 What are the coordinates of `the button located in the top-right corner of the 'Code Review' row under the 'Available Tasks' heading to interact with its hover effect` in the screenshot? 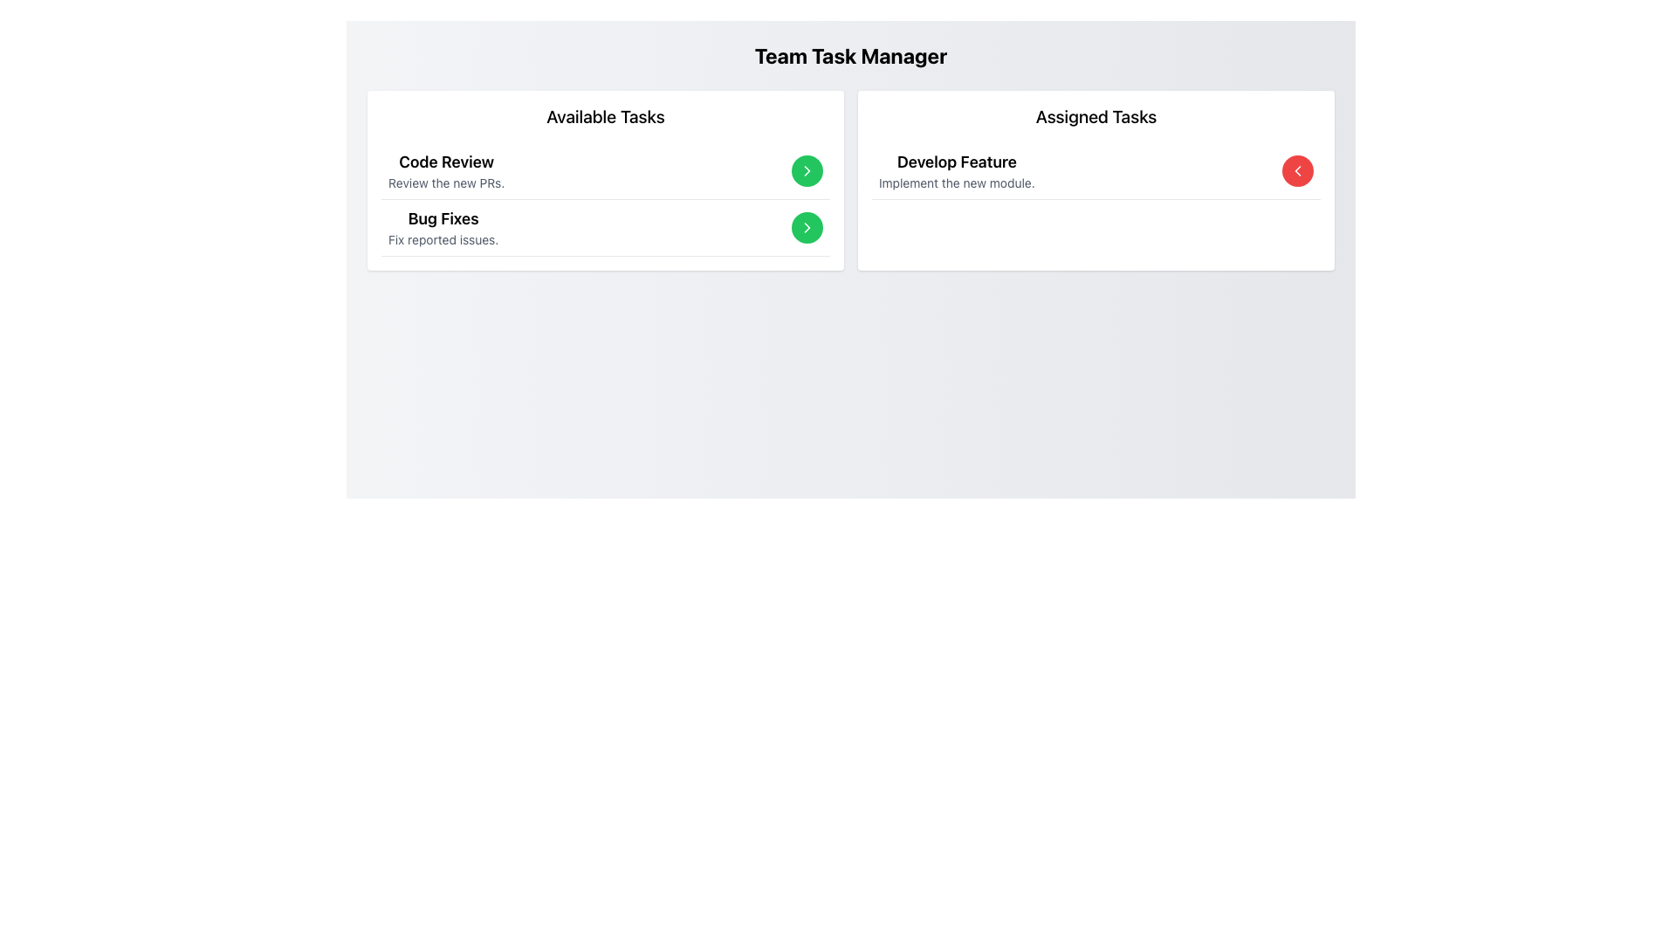 It's located at (807, 171).